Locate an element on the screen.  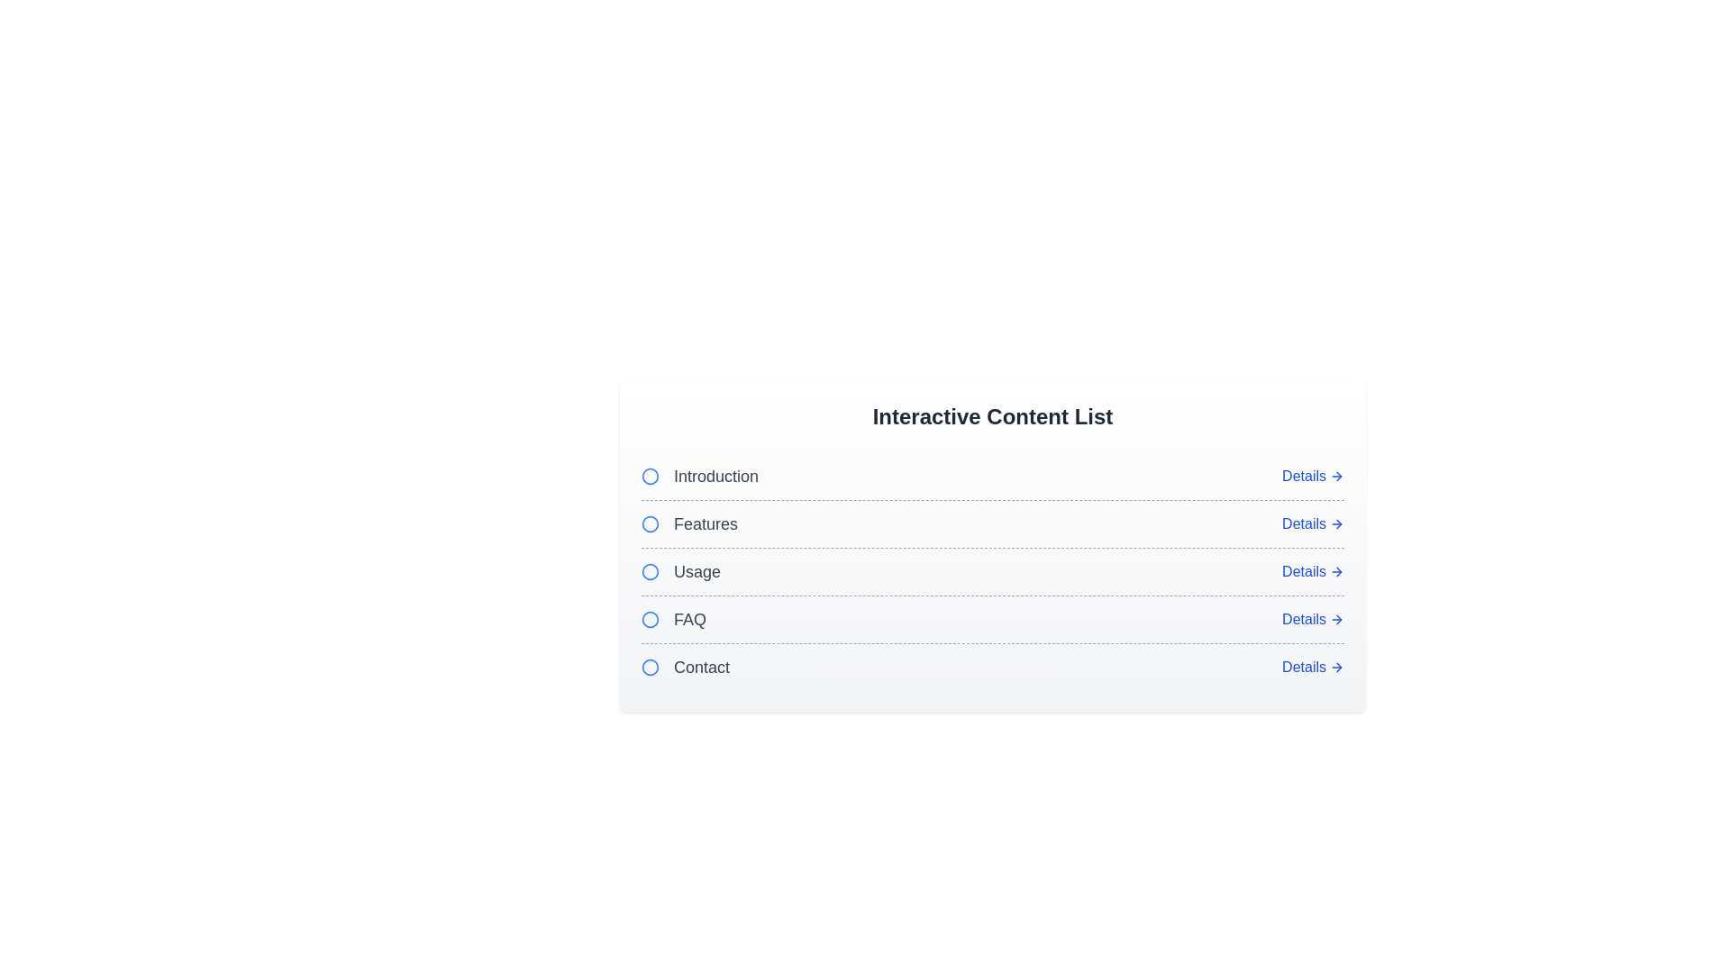
the text link located at the end of the fourth row in the vertical list, which follows the label 'FAQ' is located at coordinates (1304, 524).